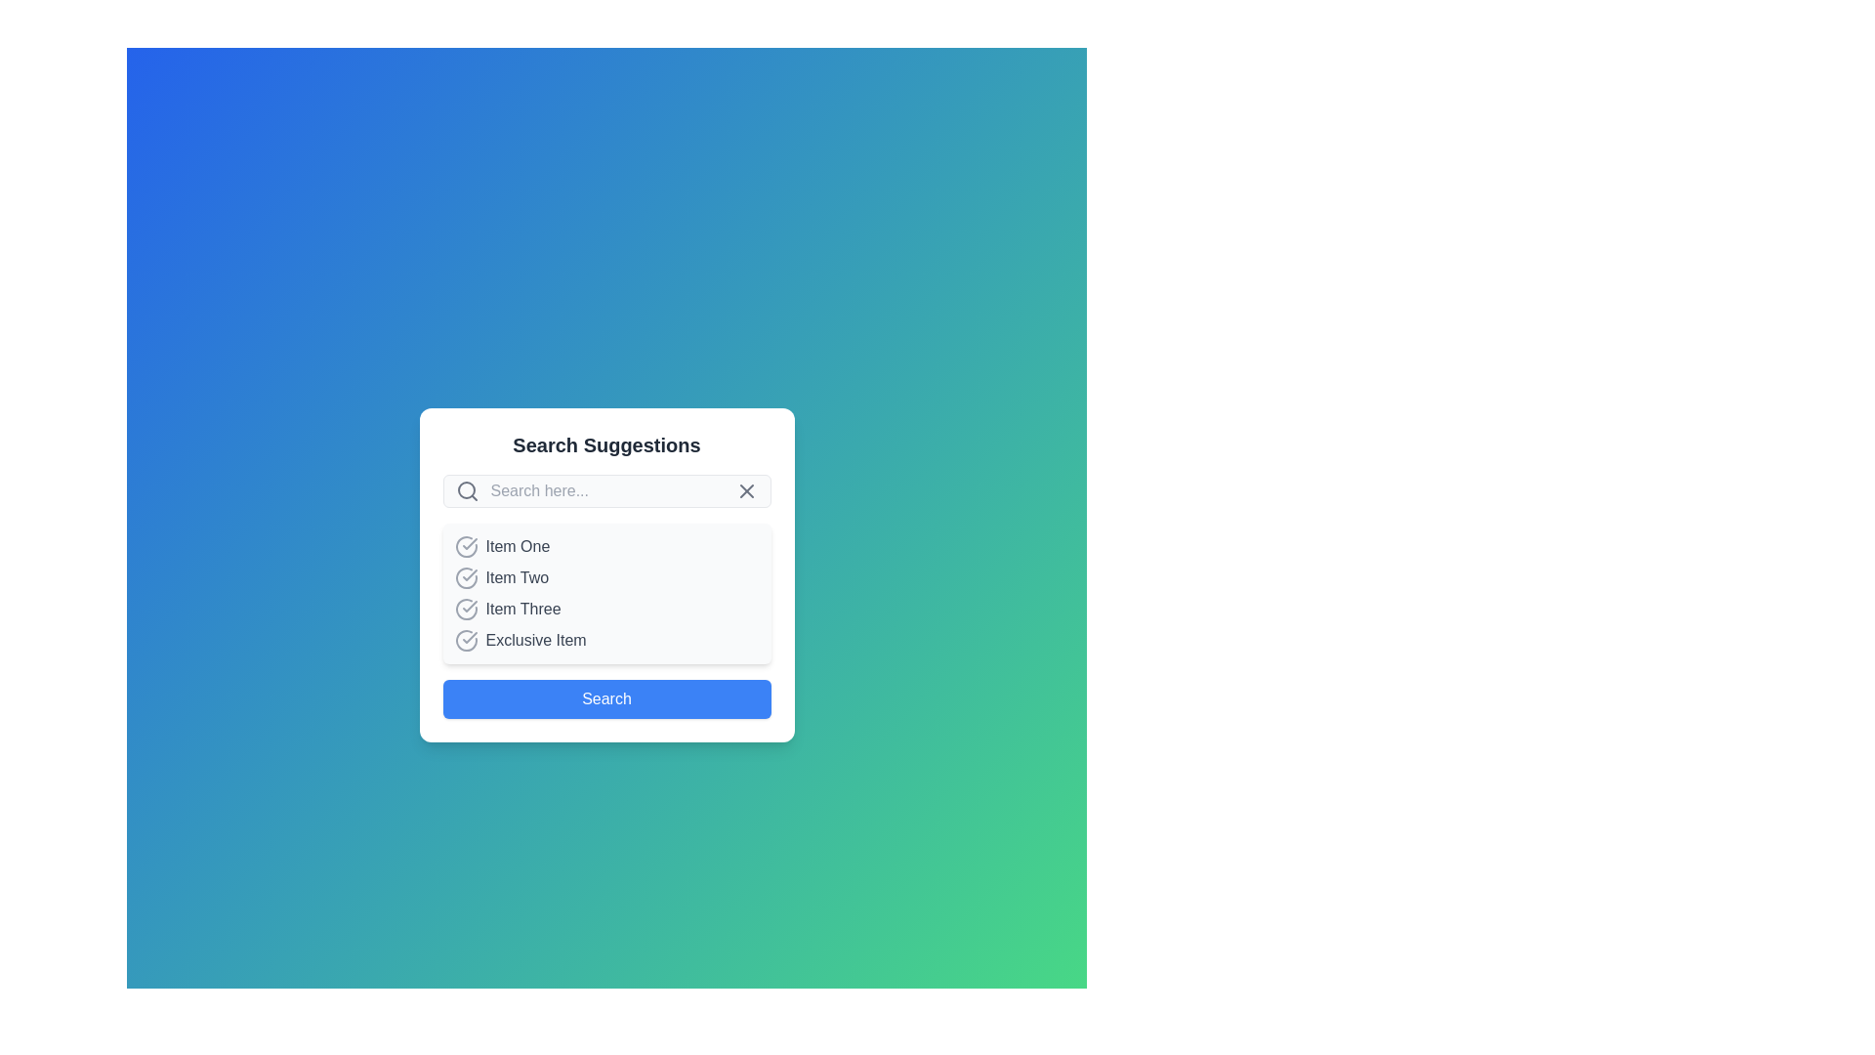  I want to click on the confirmation icon representing the selected state for 'Item One' in the vertical list of suggestions, so click(465, 546).